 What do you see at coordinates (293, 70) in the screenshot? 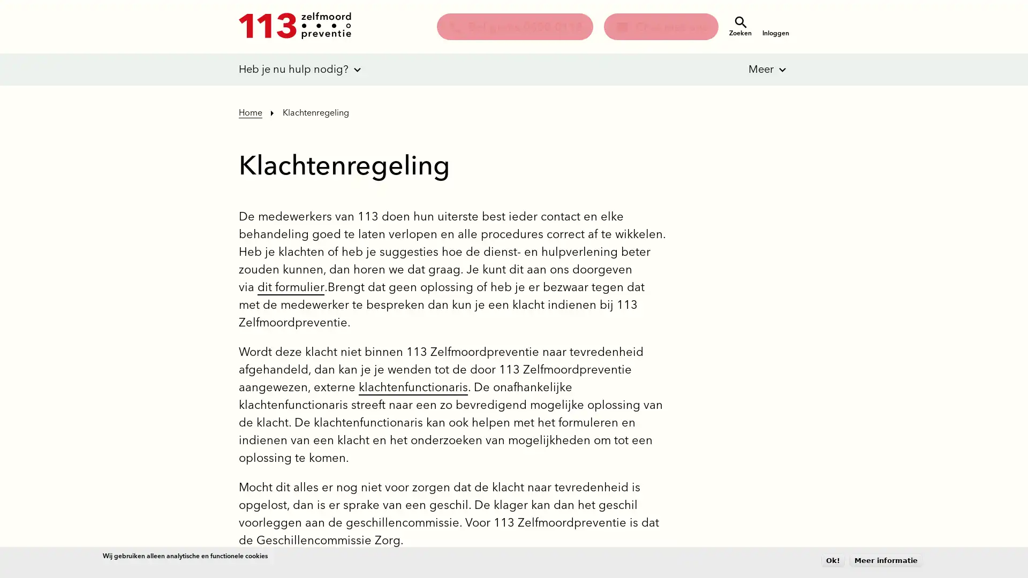
I see `Heb je nu hulp nodig?` at bounding box center [293, 70].